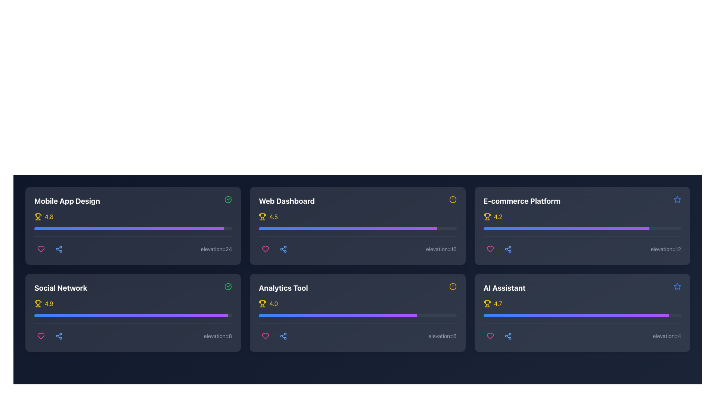 Image resolution: width=717 pixels, height=403 pixels. What do you see at coordinates (266, 249) in the screenshot?
I see `the heart icon, which is styled with a pink stroke and located at the bottom-left corner of the second card from the left in the upper row` at bounding box center [266, 249].